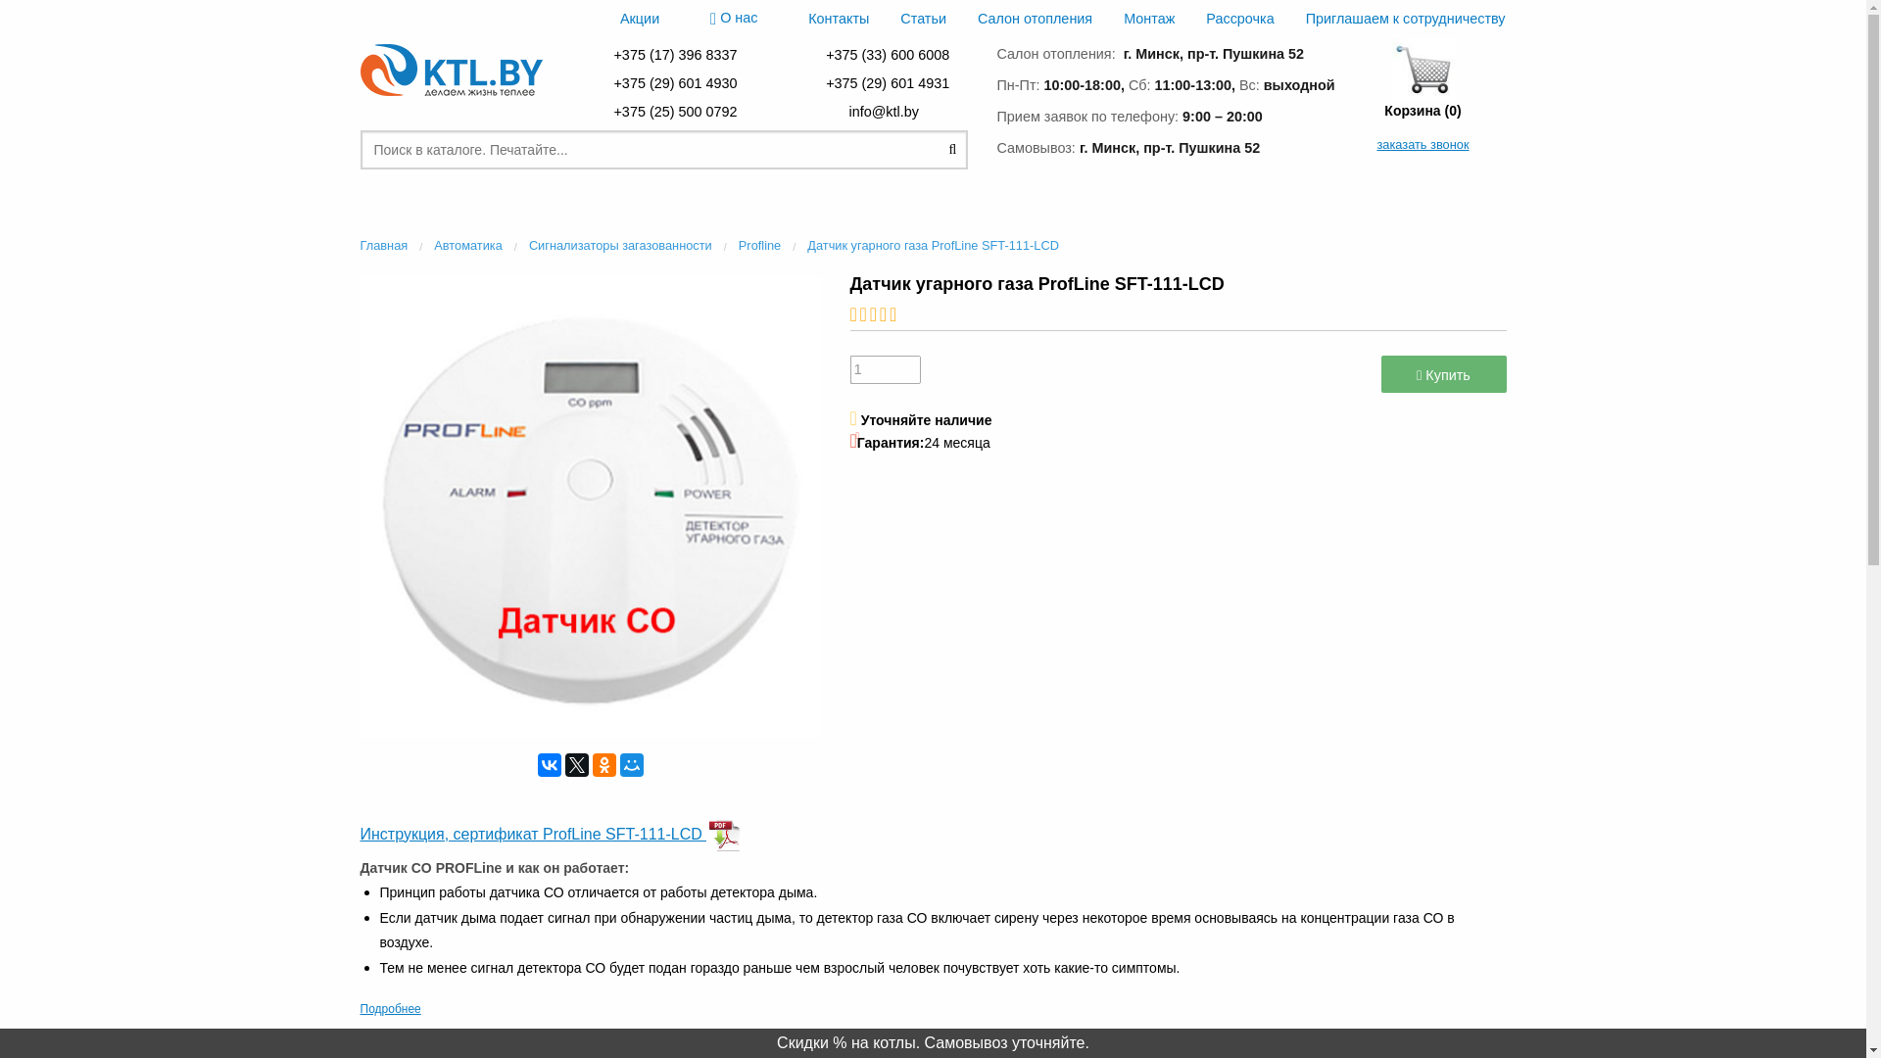  Describe the element at coordinates (758, 244) in the screenshot. I see `'Profline'` at that location.